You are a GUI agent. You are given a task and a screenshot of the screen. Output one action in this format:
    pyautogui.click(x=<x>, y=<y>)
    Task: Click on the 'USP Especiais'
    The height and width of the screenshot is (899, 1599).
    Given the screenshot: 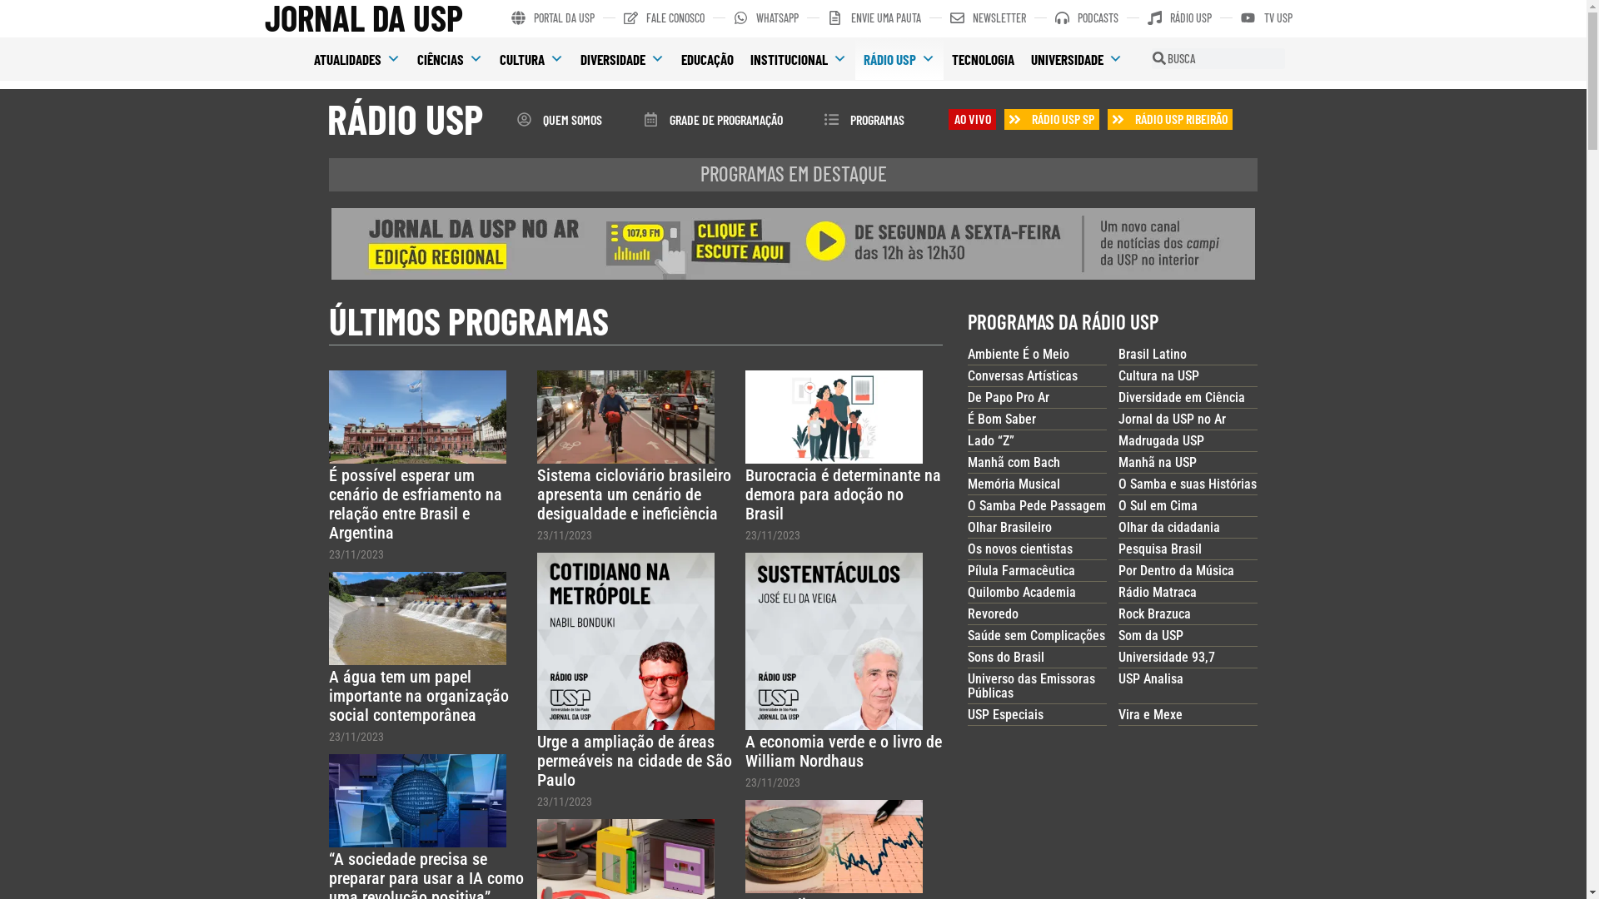 What is the action you would take?
    pyautogui.click(x=967, y=713)
    